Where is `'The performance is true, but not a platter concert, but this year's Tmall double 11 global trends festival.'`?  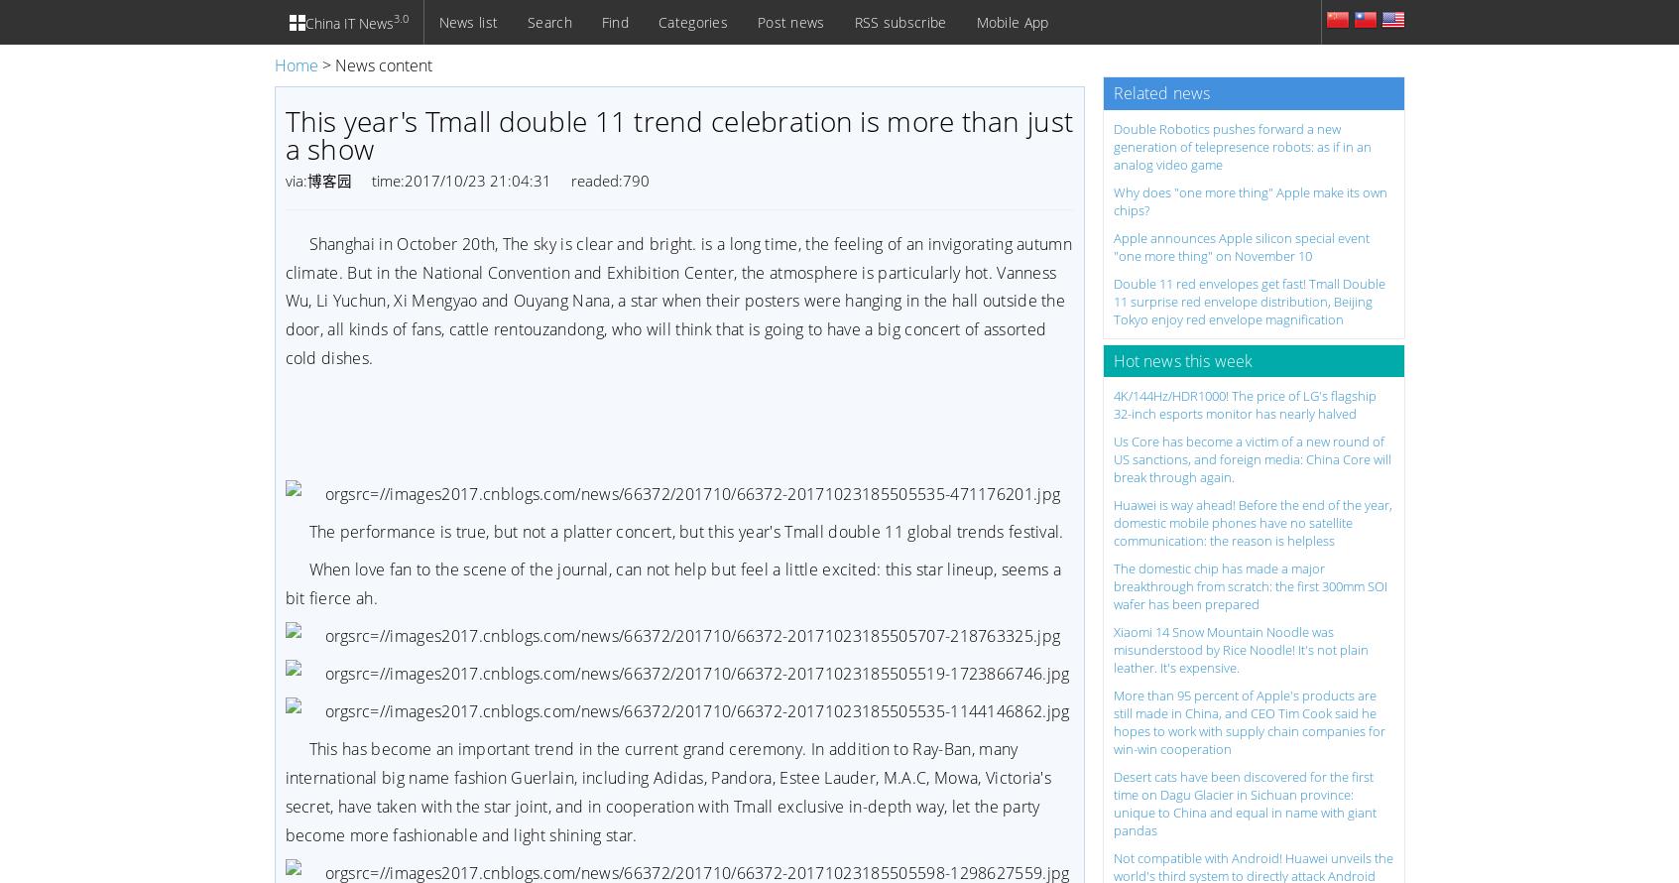 'The performance is true, but not a platter concert, but this year's Tmall double 11 global trends festival.' is located at coordinates (307, 530).